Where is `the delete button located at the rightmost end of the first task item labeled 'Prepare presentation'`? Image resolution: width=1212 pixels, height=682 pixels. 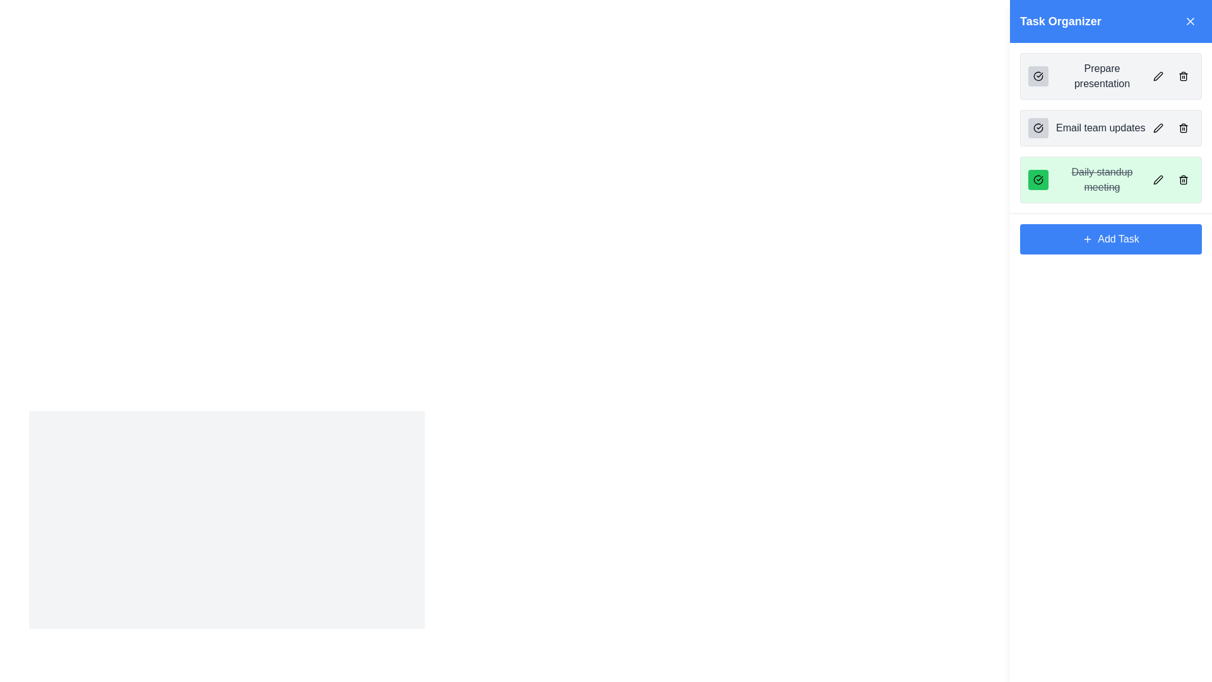 the delete button located at the rightmost end of the first task item labeled 'Prepare presentation' is located at coordinates (1183, 76).